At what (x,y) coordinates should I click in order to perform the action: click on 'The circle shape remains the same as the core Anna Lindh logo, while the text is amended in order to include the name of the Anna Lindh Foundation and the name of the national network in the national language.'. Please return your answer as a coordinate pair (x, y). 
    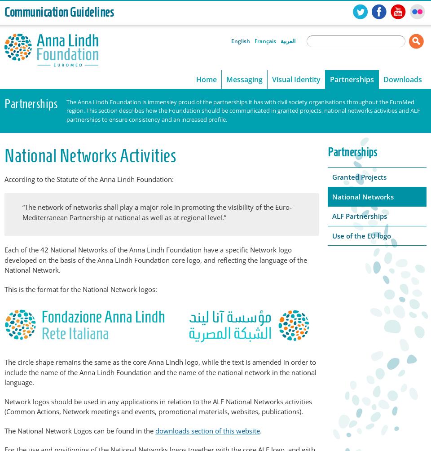
    Looking at the image, I should click on (160, 372).